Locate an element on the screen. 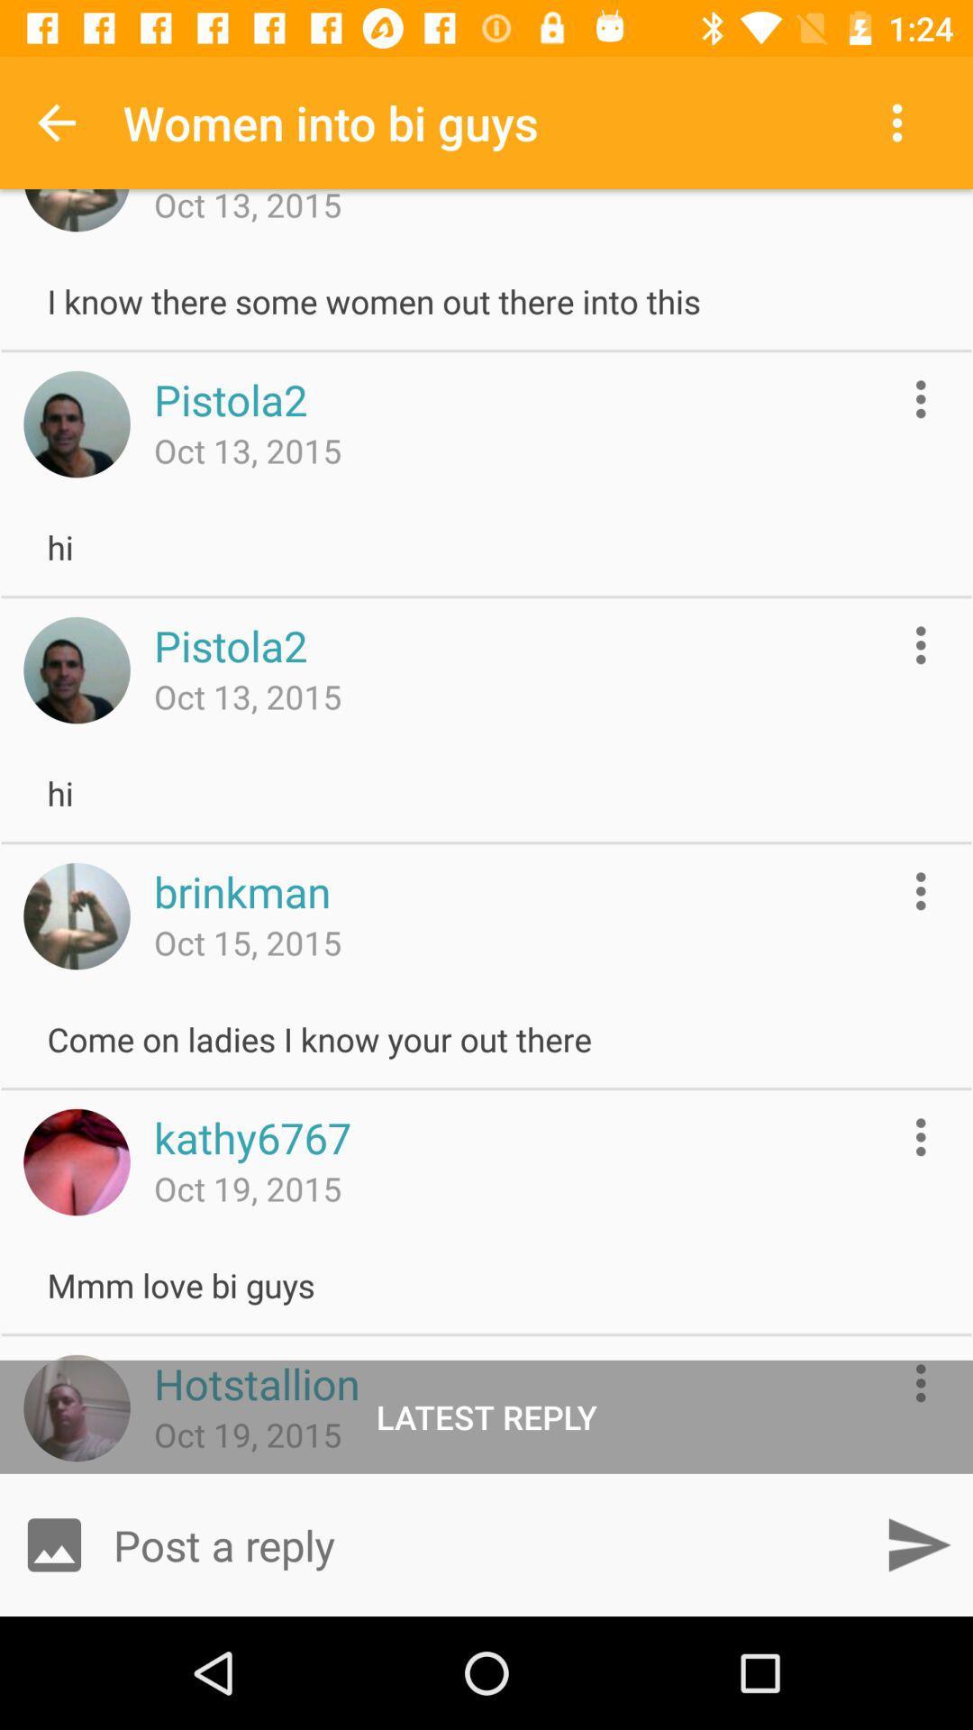  item next to women into bi icon is located at coordinates (902, 122).